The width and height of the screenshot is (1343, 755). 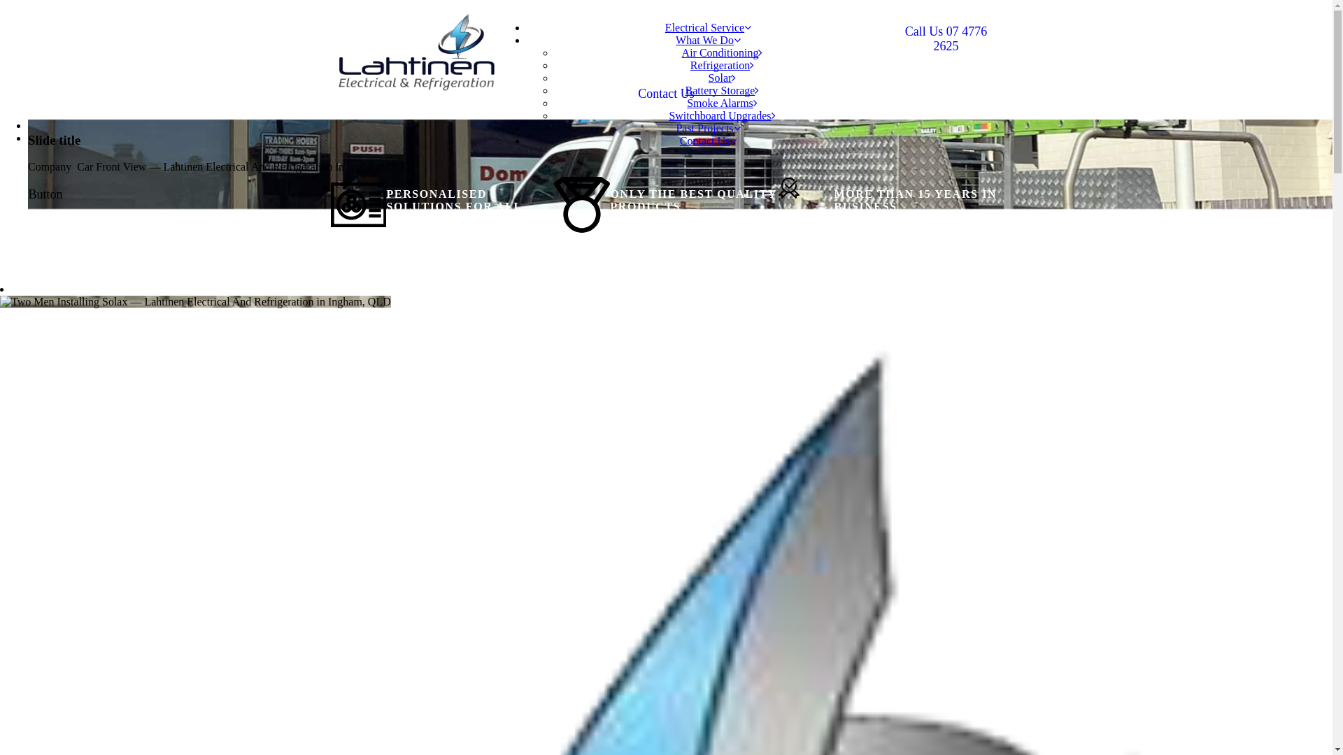 What do you see at coordinates (722, 115) in the screenshot?
I see `'Switchboard Upgrades'` at bounding box center [722, 115].